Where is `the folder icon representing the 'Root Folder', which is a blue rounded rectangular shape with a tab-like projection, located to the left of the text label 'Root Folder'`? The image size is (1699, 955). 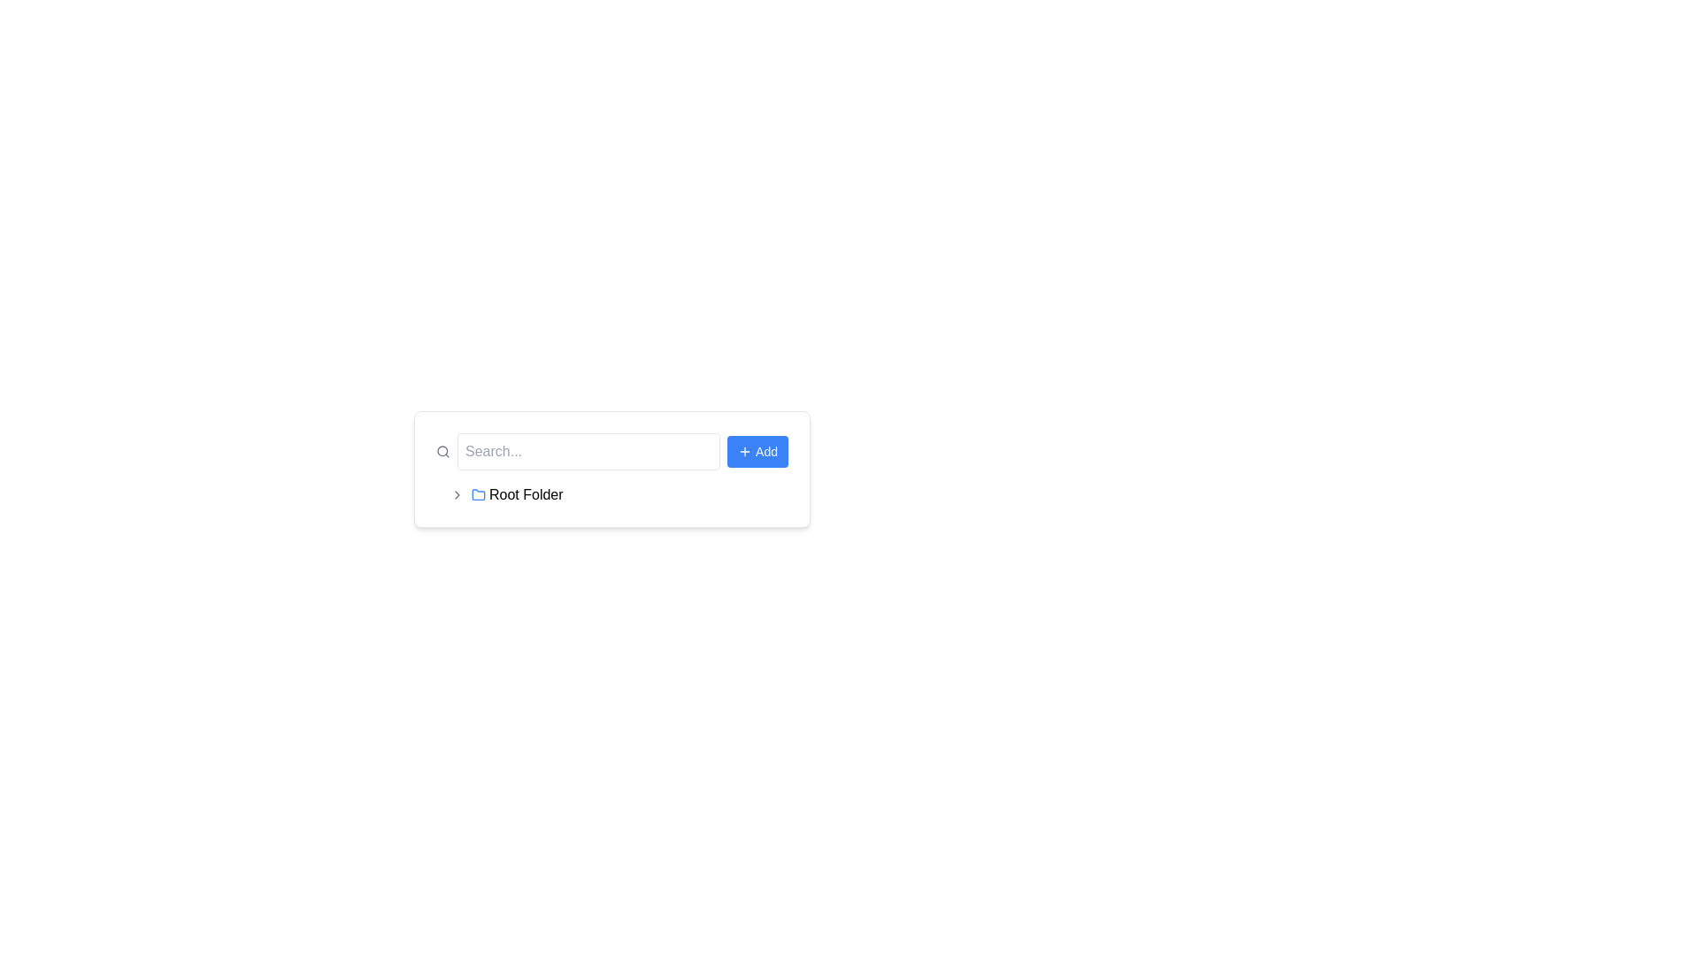 the folder icon representing the 'Root Folder', which is a blue rounded rectangular shape with a tab-like projection, located to the left of the text label 'Root Folder' is located at coordinates (479, 494).